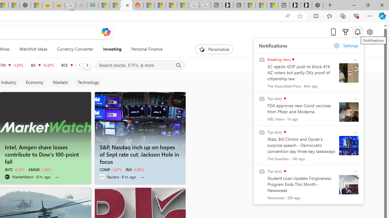 Image resolution: width=389 pixels, height=218 pixels. What do you see at coordinates (106, 32) in the screenshot?
I see `'Open Copilot'` at bounding box center [106, 32].